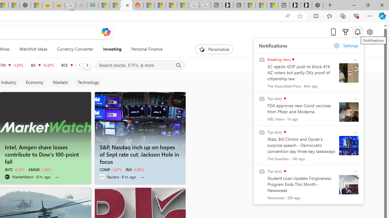 Image resolution: width=389 pixels, height=218 pixels. What do you see at coordinates (106, 32) in the screenshot?
I see `'Open Copilot'` at bounding box center [106, 32].